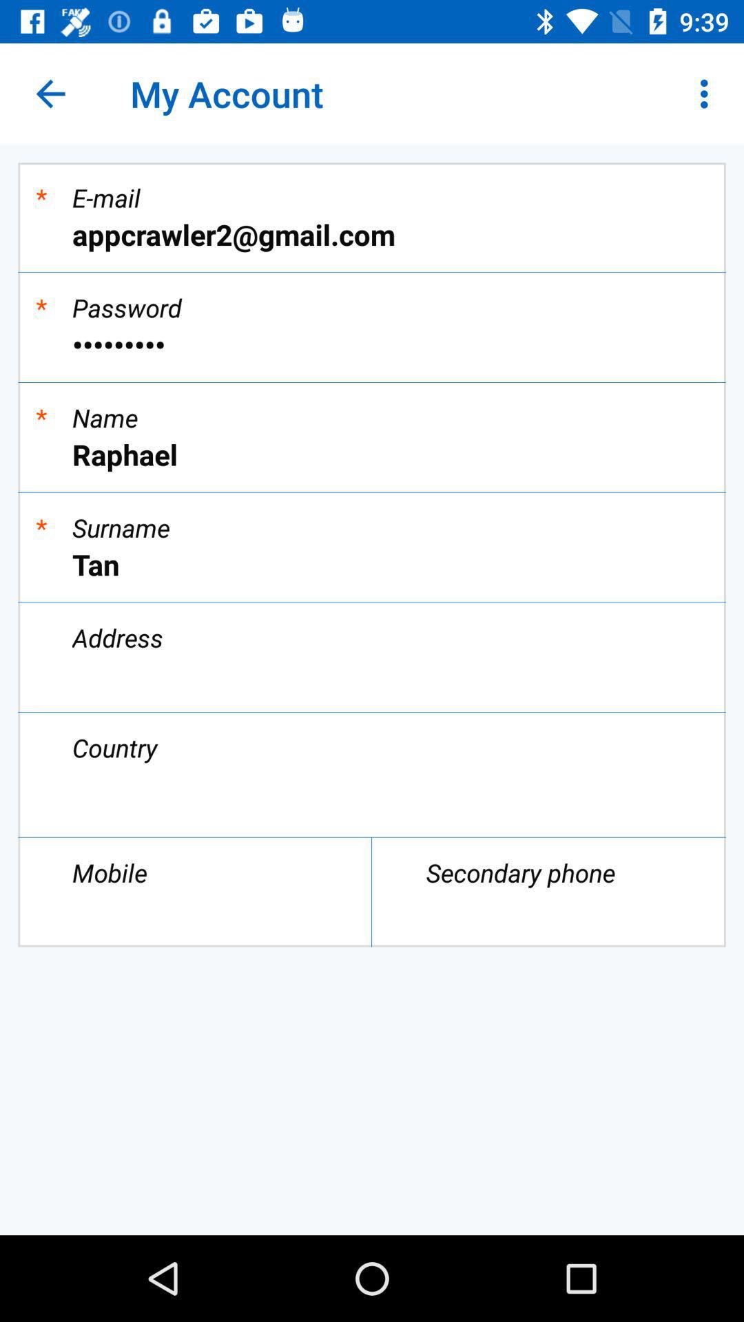  I want to click on the icon to the left of the my account, so click(50, 93).